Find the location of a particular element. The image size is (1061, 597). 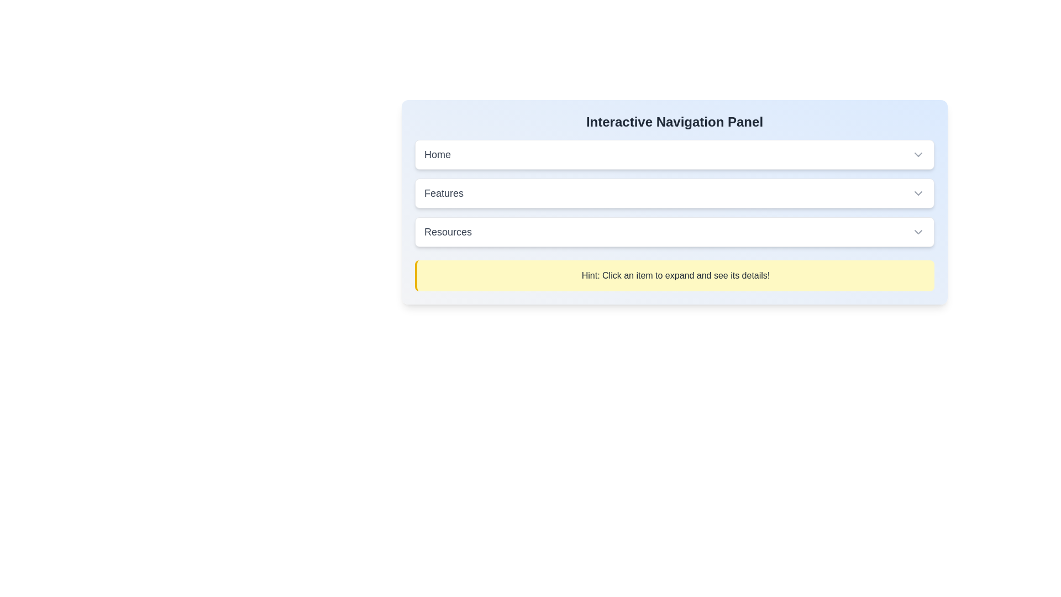

the Accordion navigation panel is located at coordinates (674, 215).